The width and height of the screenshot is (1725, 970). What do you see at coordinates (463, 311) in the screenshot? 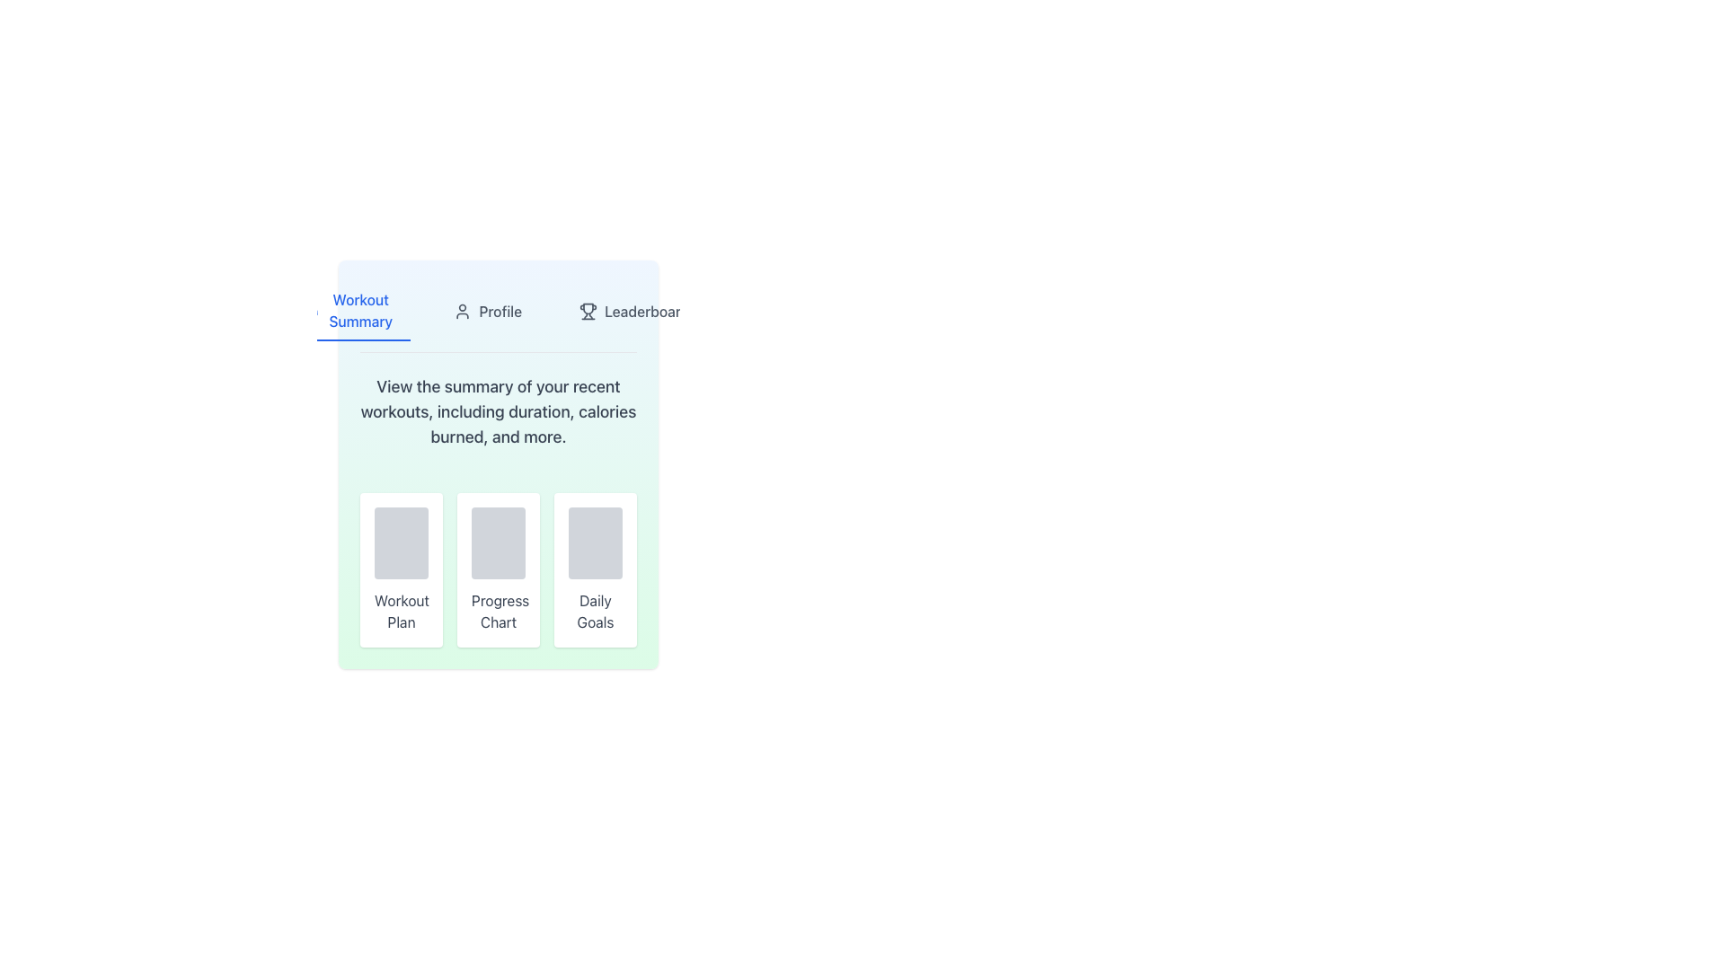
I see `the user profile avatar icon, which is a minimalistic drawing of a person, located to the left of the text 'Profile' in the horizontal navigation menu` at bounding box center [463, 311].